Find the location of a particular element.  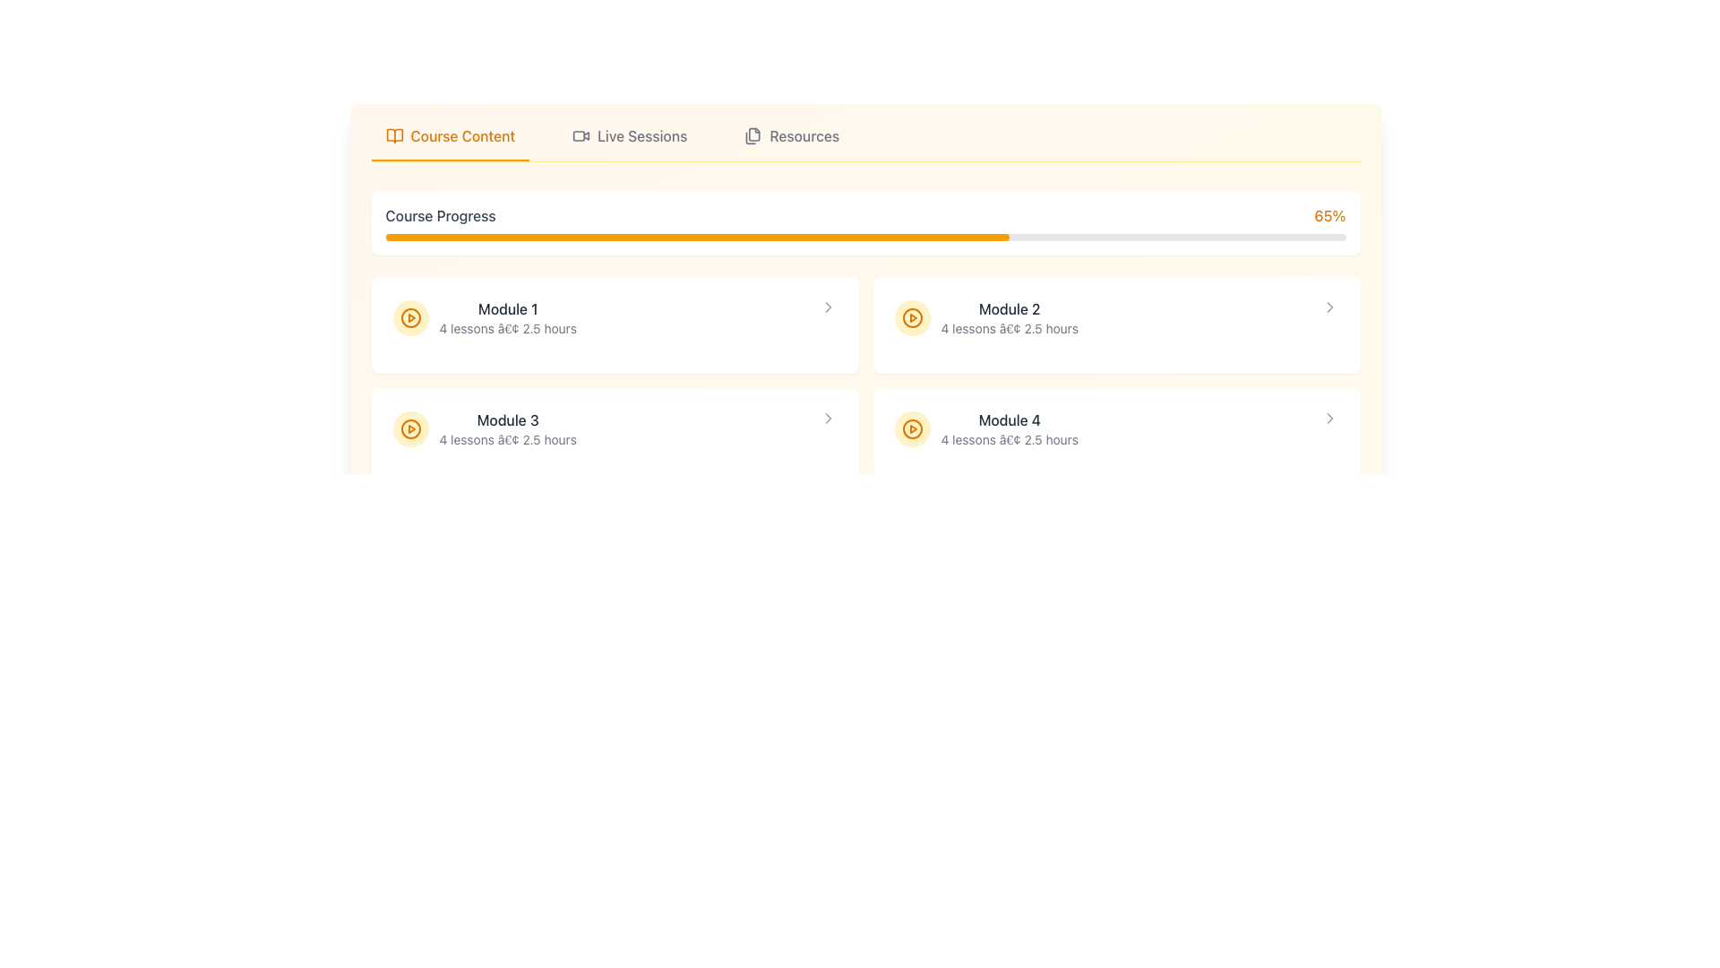

the chevron icon located at the right end of the 'Module 3' card is located at coordinates (827, 418).